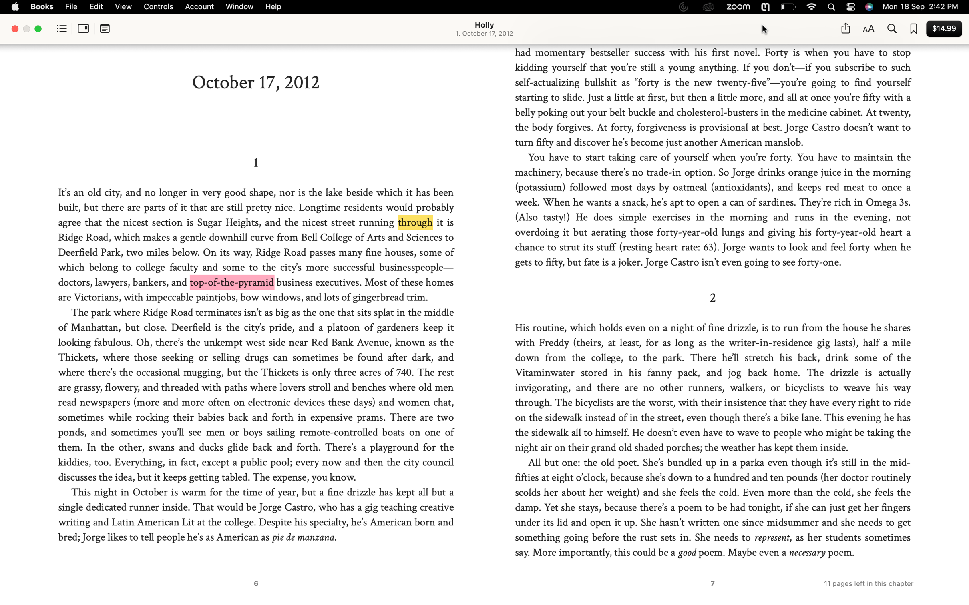  Describe the element at coordinates (332, 537) in the screenshot. I see `Right click to look up the meaning of "manzana` at that location.